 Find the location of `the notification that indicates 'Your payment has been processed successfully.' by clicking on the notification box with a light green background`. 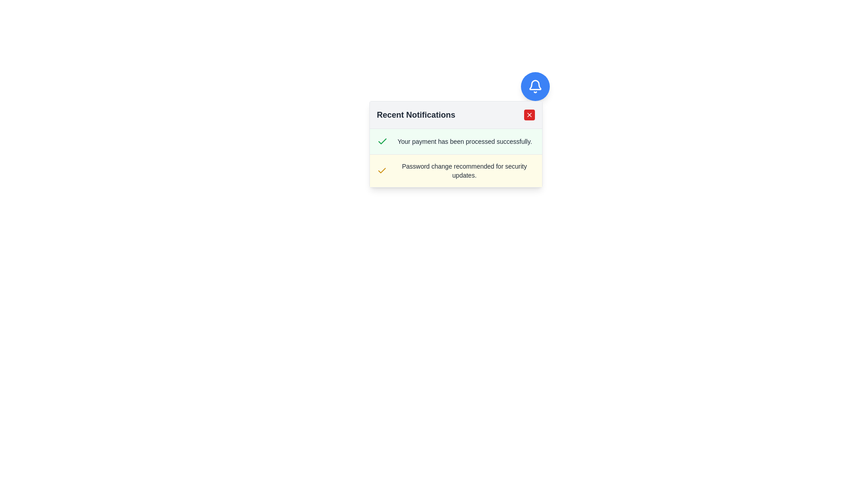

the notification that indicates 'Your payment has been processed successfully.' by clicking on the notification box with a light green background is located at coordinates (456, 142).